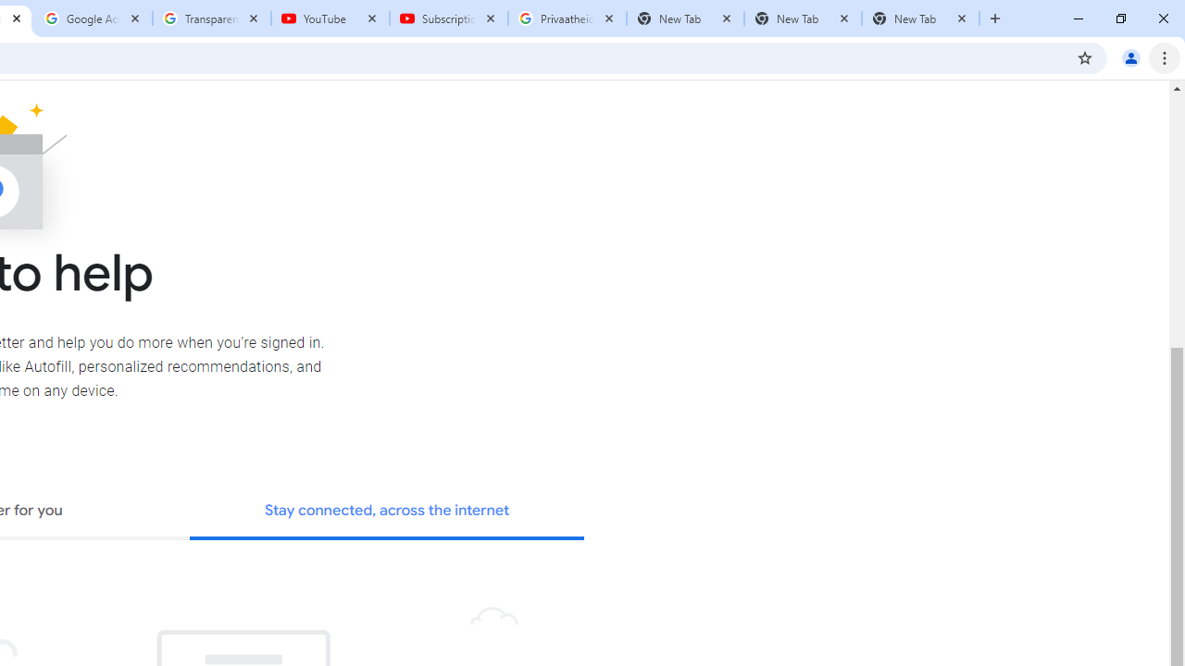 This screenshot has height=666, width=1185. I want to click on 'YouTube', so click(331, 18).